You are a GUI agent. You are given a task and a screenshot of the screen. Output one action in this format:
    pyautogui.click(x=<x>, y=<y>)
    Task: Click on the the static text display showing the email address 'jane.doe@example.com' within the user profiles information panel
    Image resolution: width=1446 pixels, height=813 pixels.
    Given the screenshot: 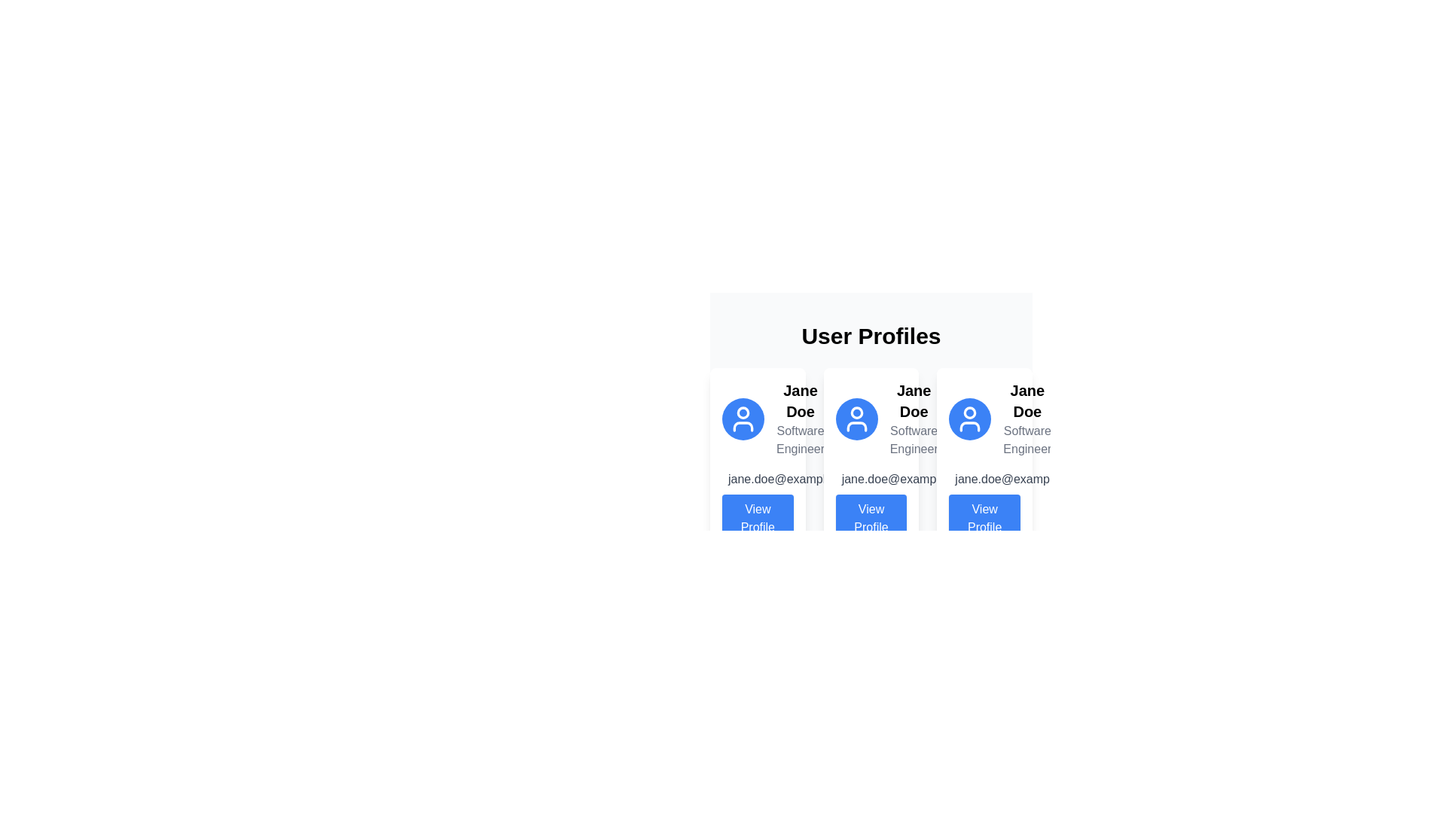 What is the action you would take?
    pyautogui.click(x=758, y=479)
    